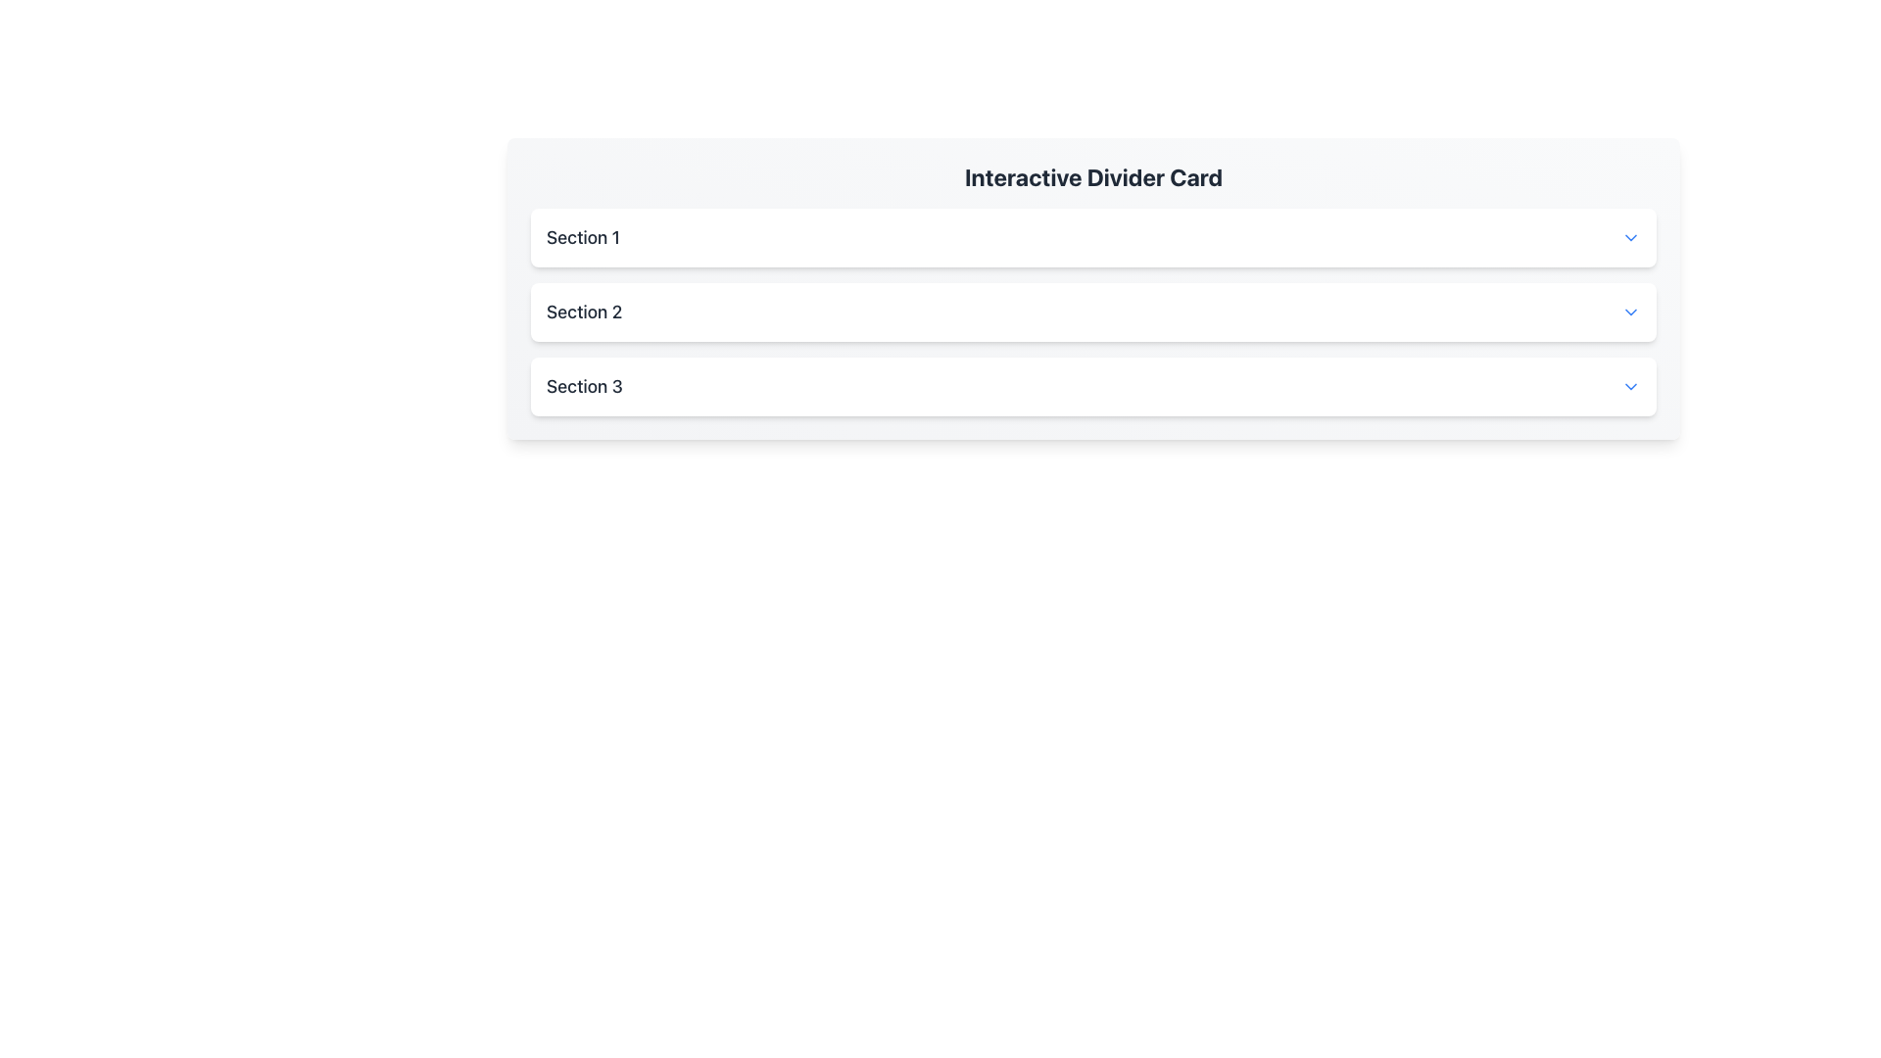 The height and width of the screenshot is (1058, 1881). What do you see at coordinates (1631, 386) in the screenshot?
I see `the downward-facing blue chevron icon located at the far-right end of the 'Section 3' row to possibly reveal additional information` at bounding box center [1631, 386].